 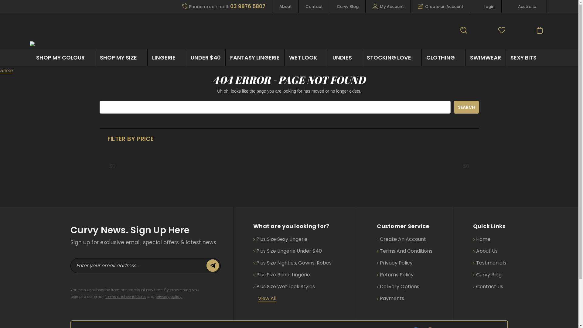 What do you see at coordinates (466, 107) in the screenshot?
I see `'Search'` at bounding box center [466, 107].